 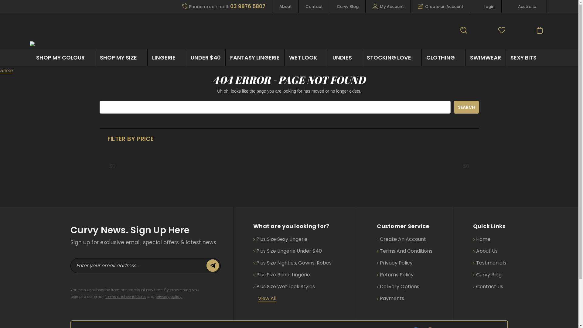 What do you see at coordinates (466, 107) in the screenshot?
I see `'Search'` at bounding box center [466, 107].